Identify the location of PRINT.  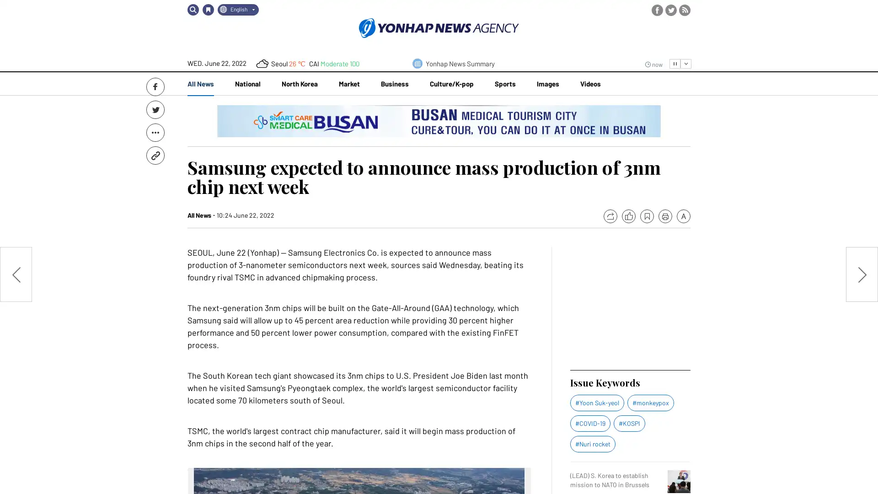
(665, 216).